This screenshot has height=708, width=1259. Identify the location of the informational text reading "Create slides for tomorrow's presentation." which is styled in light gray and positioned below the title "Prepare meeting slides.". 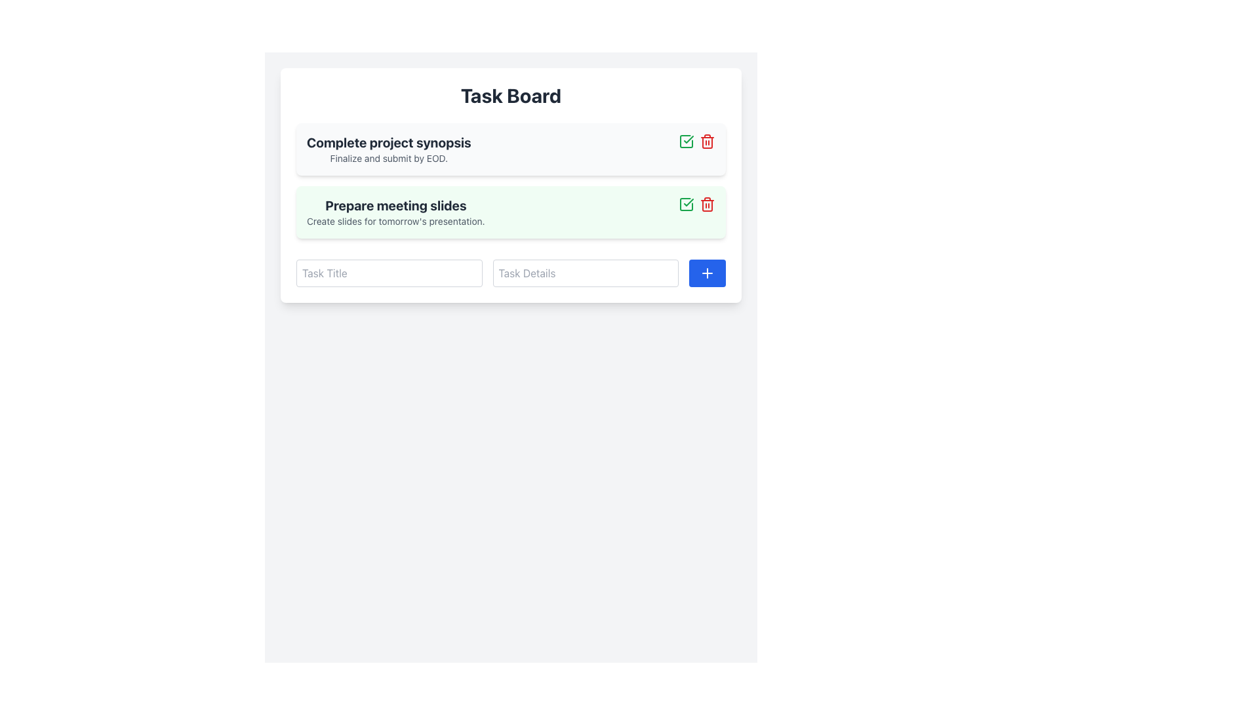
(395, 221).